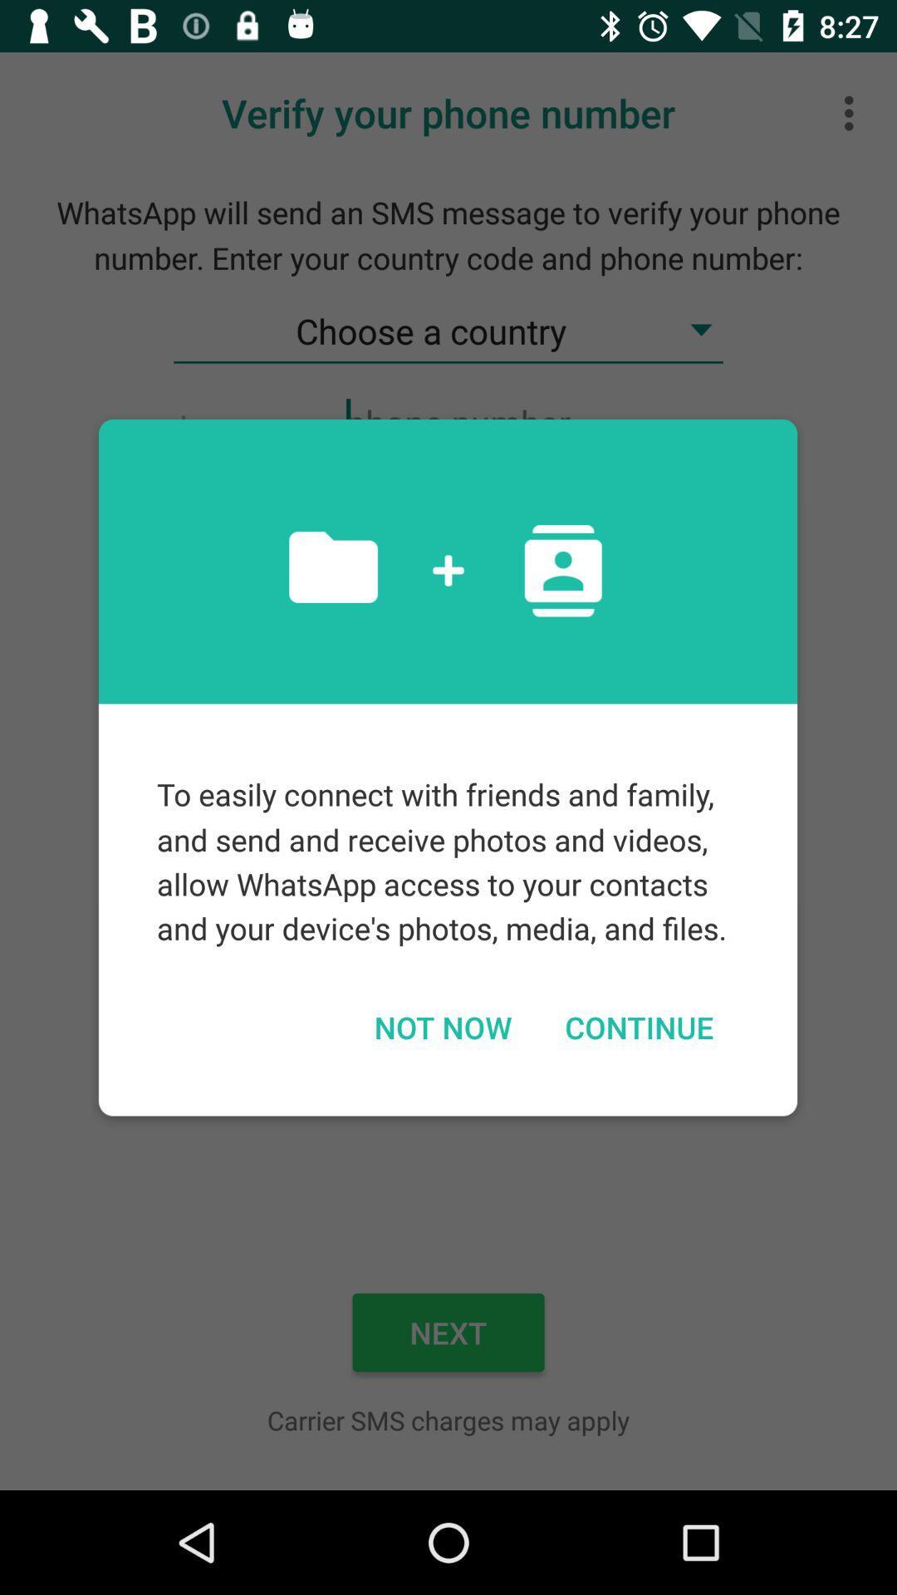 This screenshot has height=1595, width=897. I want to click on the icon to the left of continue, so click(442, 1026).